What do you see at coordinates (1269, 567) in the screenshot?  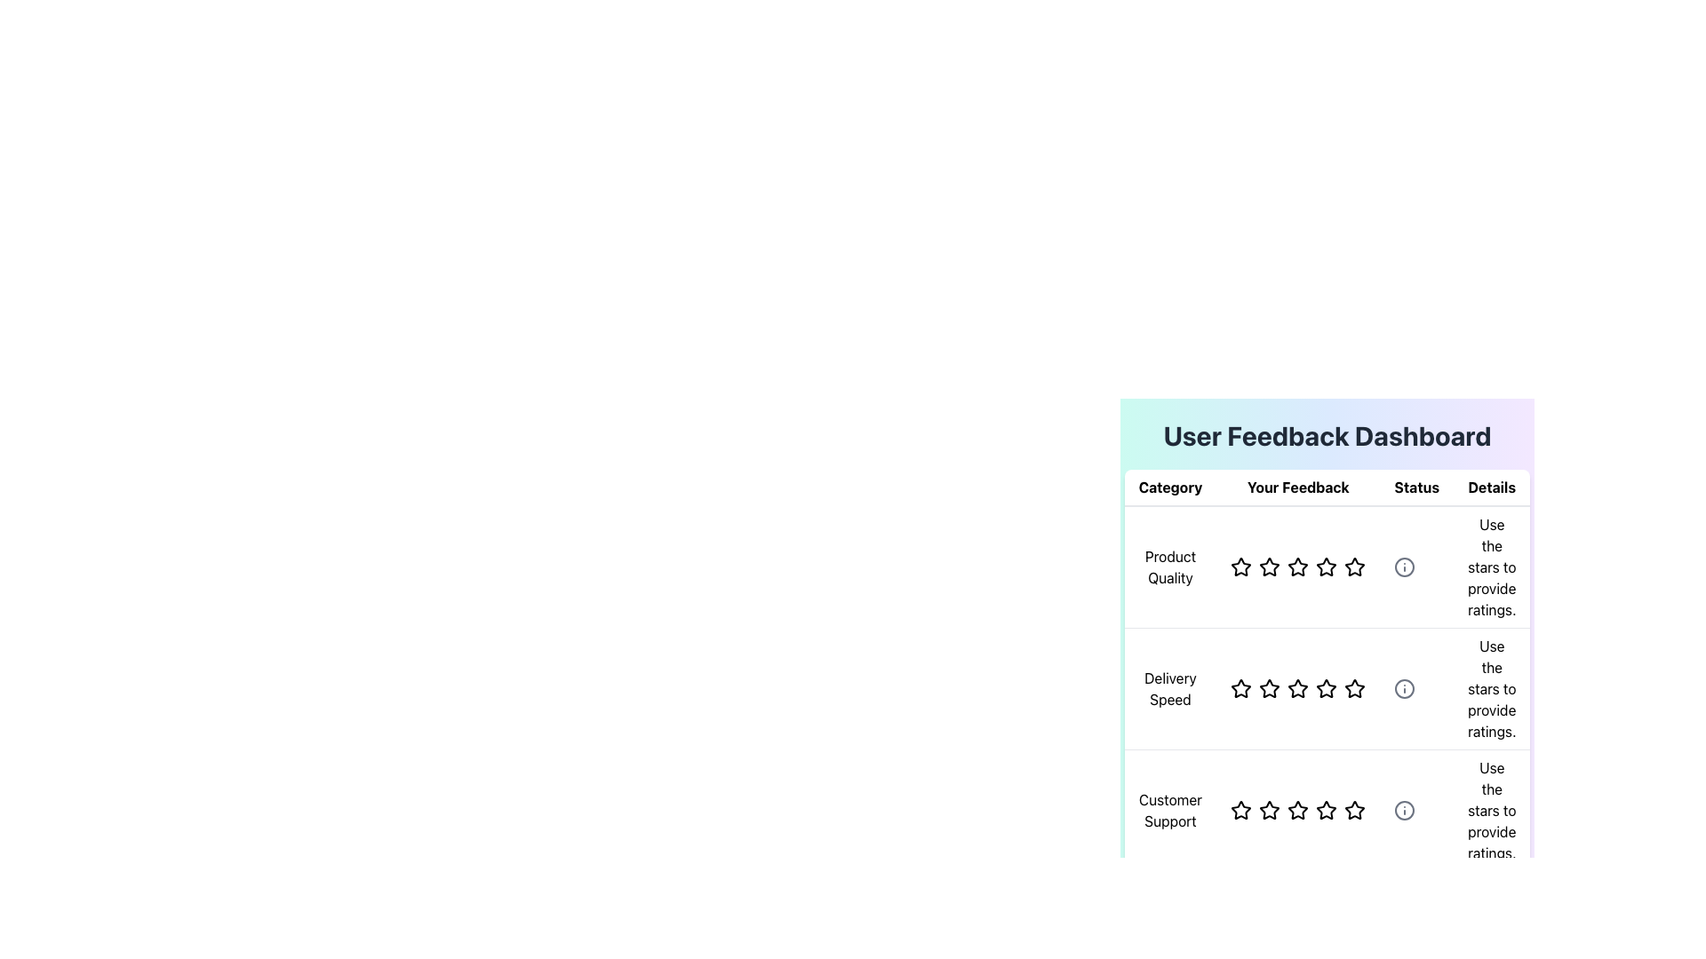 I see `the second star-shaped rating icon for 'Product Quality' in the User Feedback Dashboard` at bounding box center [1269, 567].